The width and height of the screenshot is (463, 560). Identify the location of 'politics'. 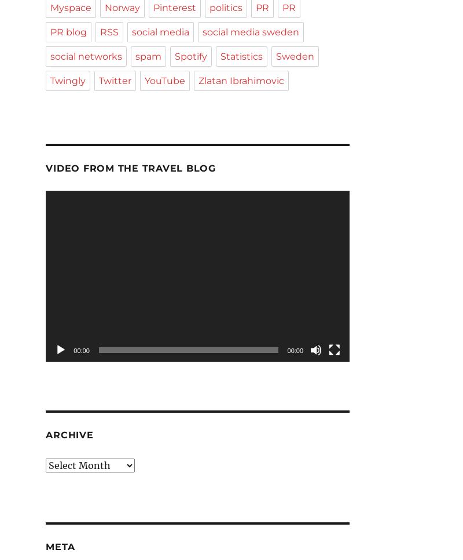
(225, 7).